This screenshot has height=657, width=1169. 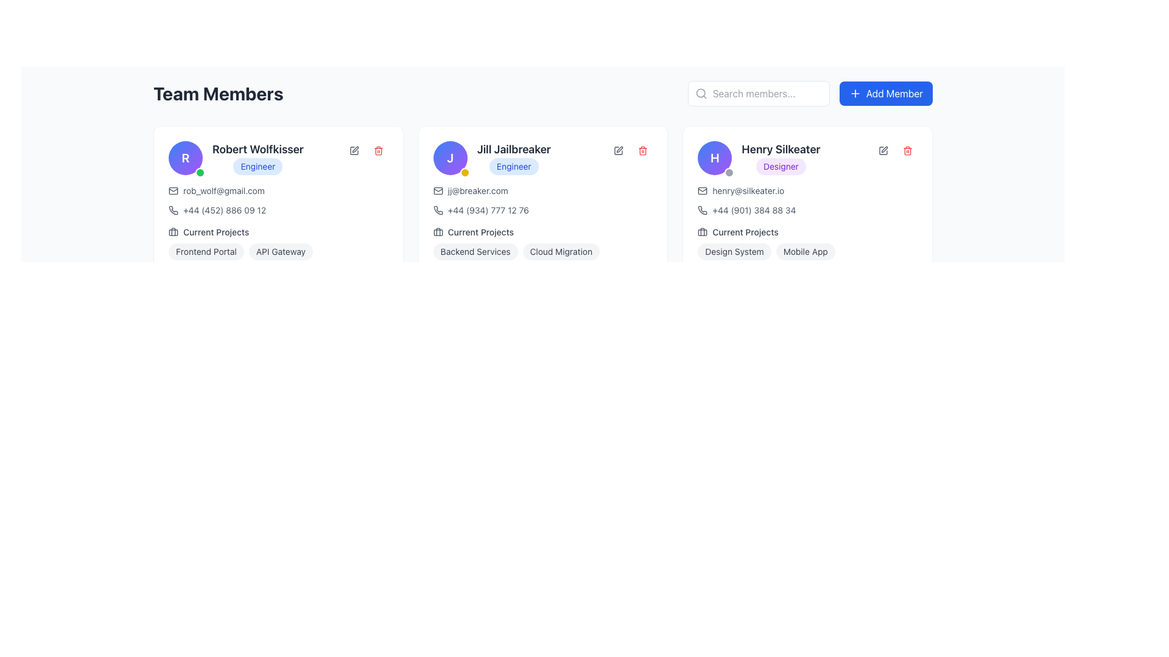 What do you see at coordinates (514, 157) in the screenshot?
I see `the Text display element featuring 'Jill Jailbreaker' and the designation 'Engineer'` at bounding box center [514, 157].